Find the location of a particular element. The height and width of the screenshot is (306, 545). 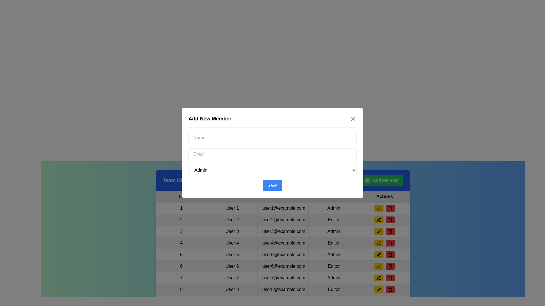

the delete icon button located in the 'Actions' column of the table is located at coordinates (390, 278).